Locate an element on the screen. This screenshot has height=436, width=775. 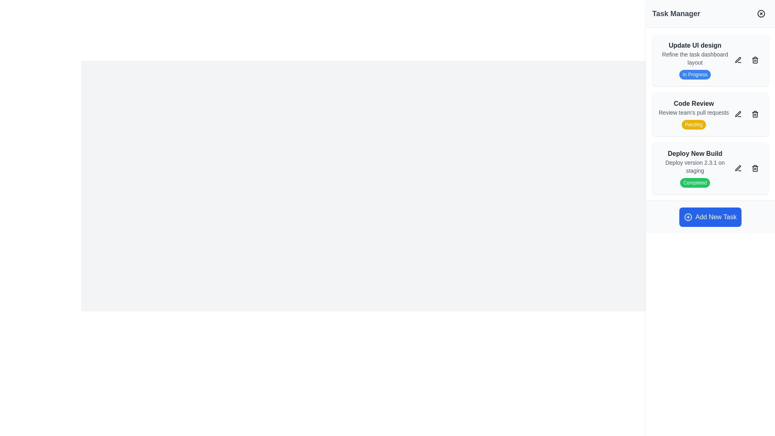
the trash icon in the Task Manager sidebar, located in the top-right corner of the 'Update UI design' card is located at coordinates (755, 60).